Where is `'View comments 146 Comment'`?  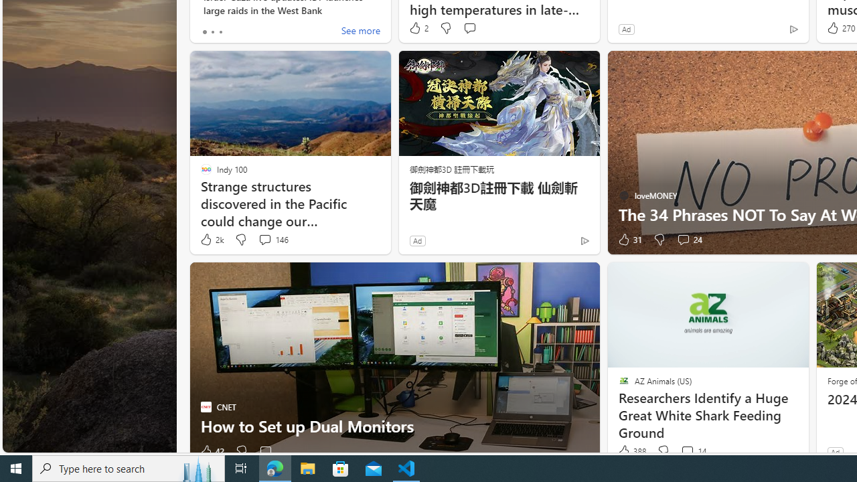
'View comments 146 Comment' is located at coordinates (264, 238).